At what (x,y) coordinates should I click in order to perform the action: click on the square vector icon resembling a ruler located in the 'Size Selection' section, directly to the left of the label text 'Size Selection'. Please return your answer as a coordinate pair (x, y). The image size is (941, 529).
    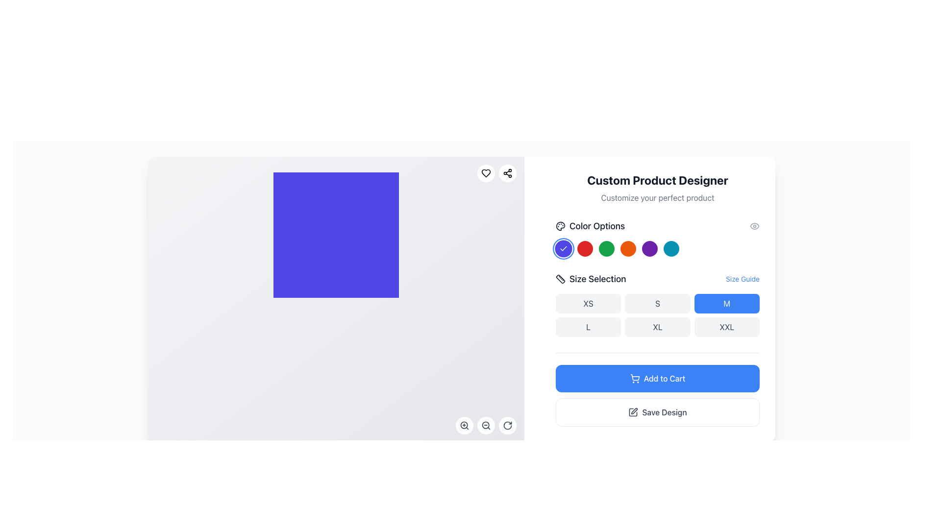
    Looking at the image, I should click on (560, 279).